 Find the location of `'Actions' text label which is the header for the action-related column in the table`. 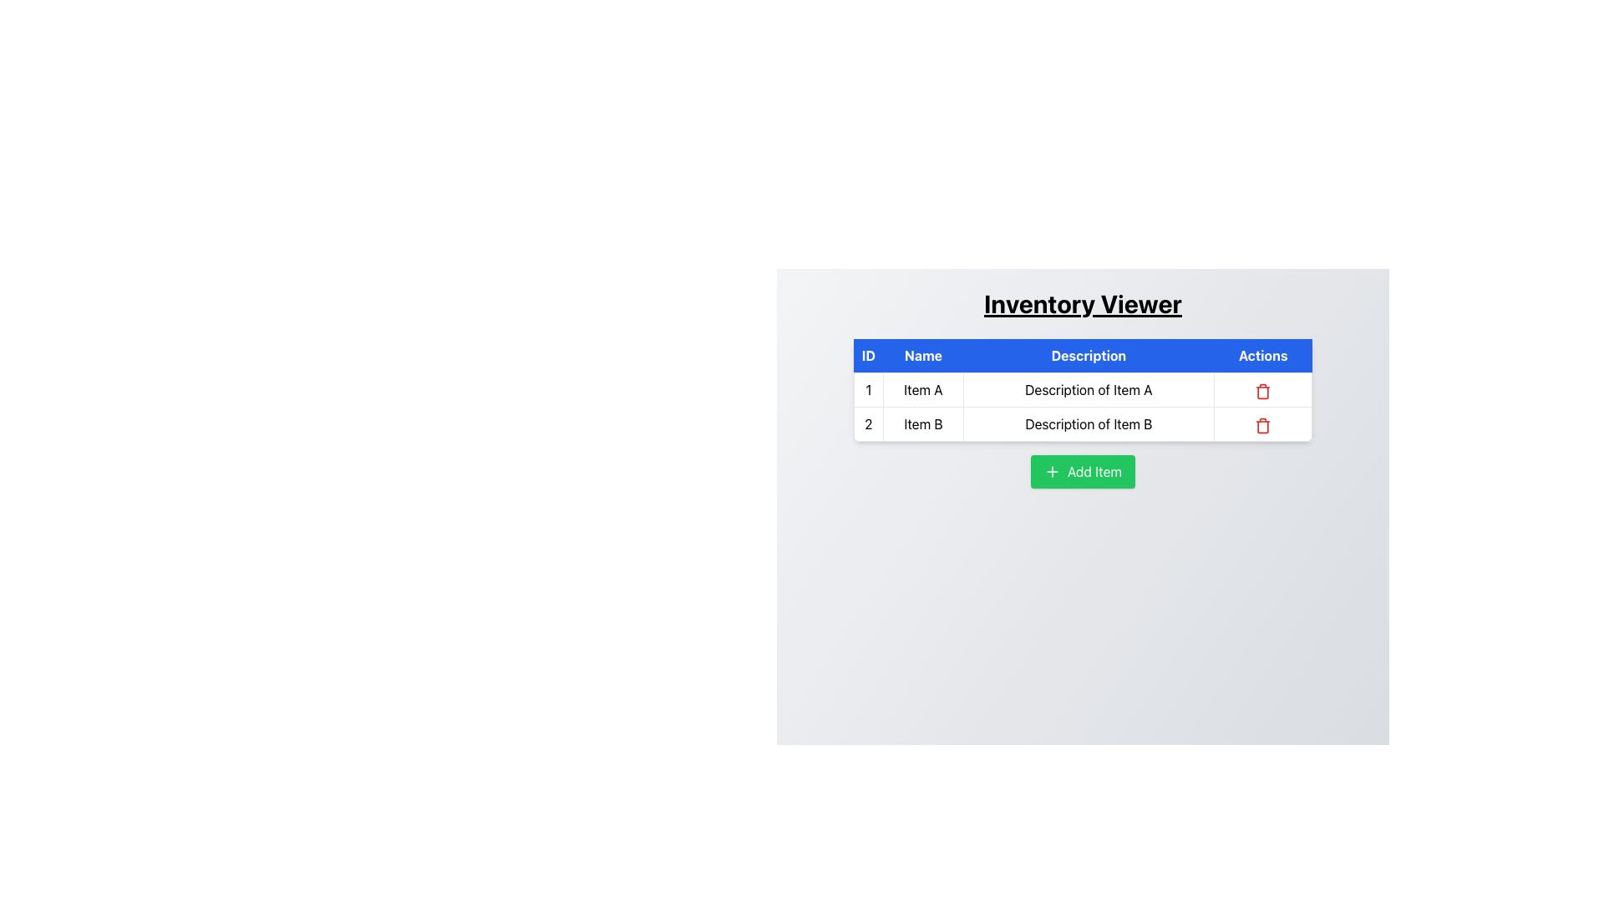

'Actions' text label which is the header for the action-related column in the table is located at coordinates (1263, 355).